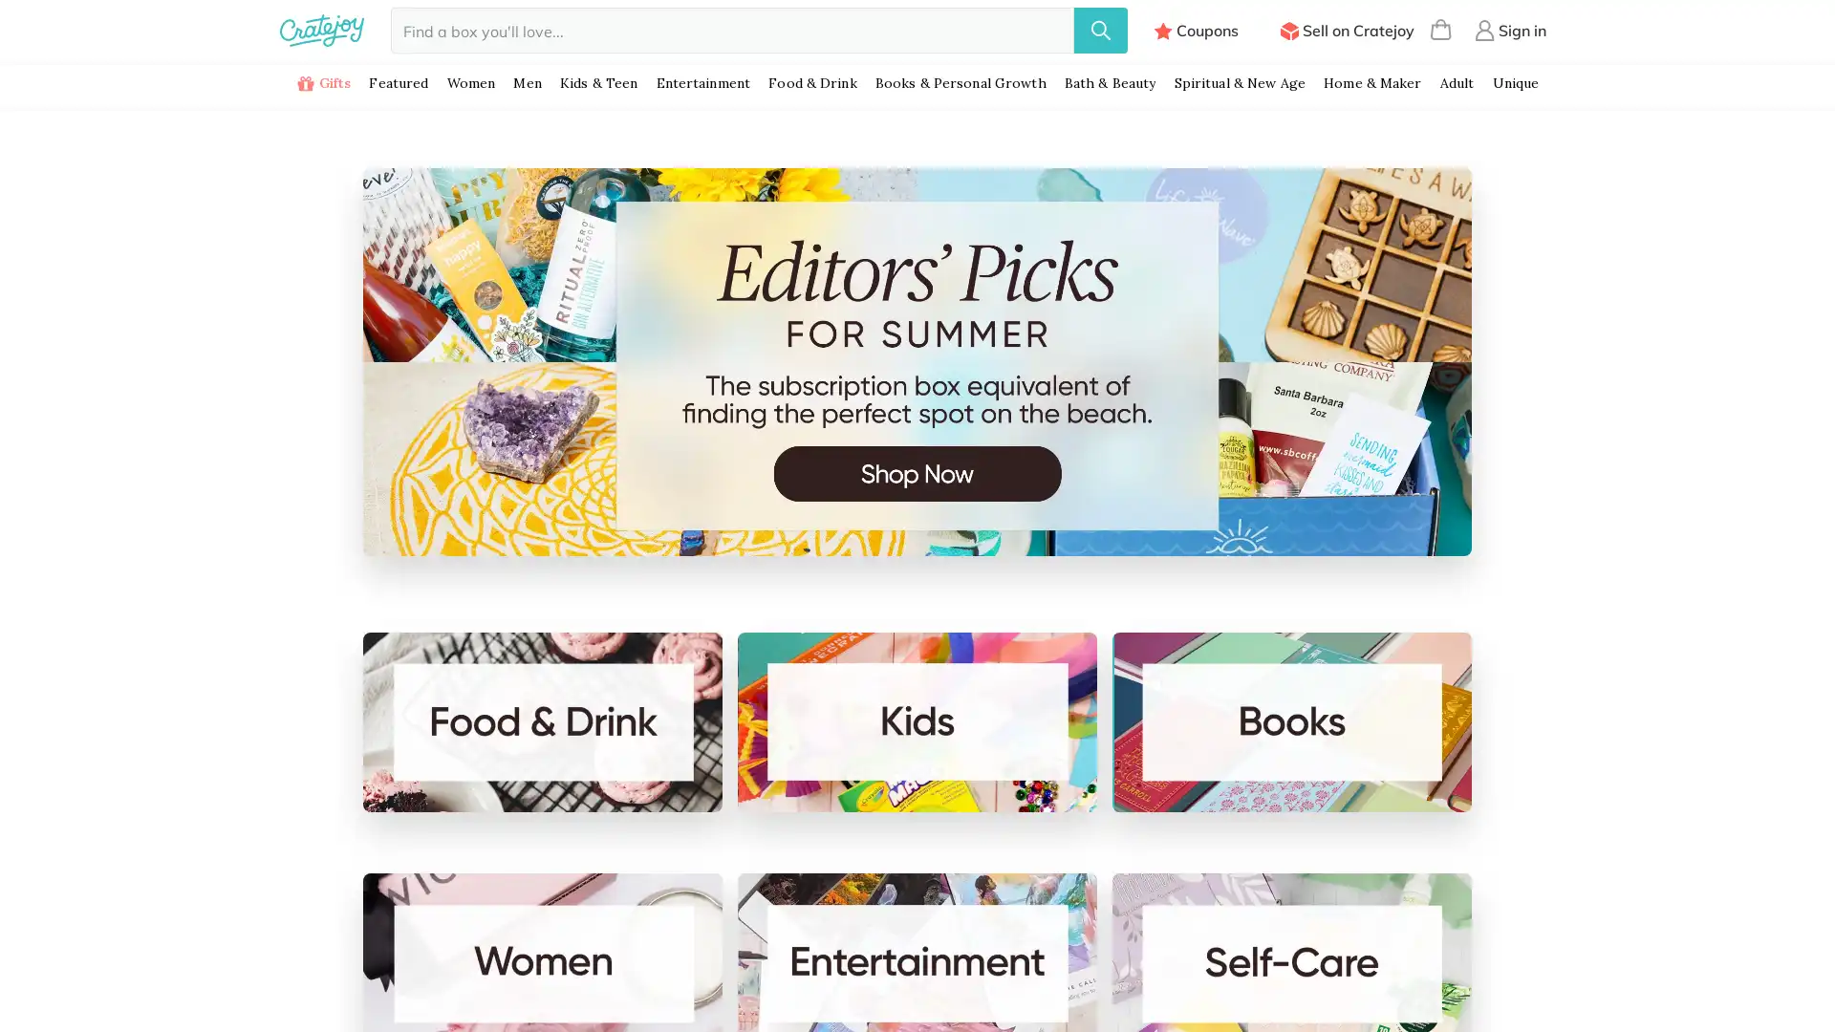 Image resolution: width=1835 pixels, height=1032 pixels. I want to click on Sign in, so click(1509, 30).